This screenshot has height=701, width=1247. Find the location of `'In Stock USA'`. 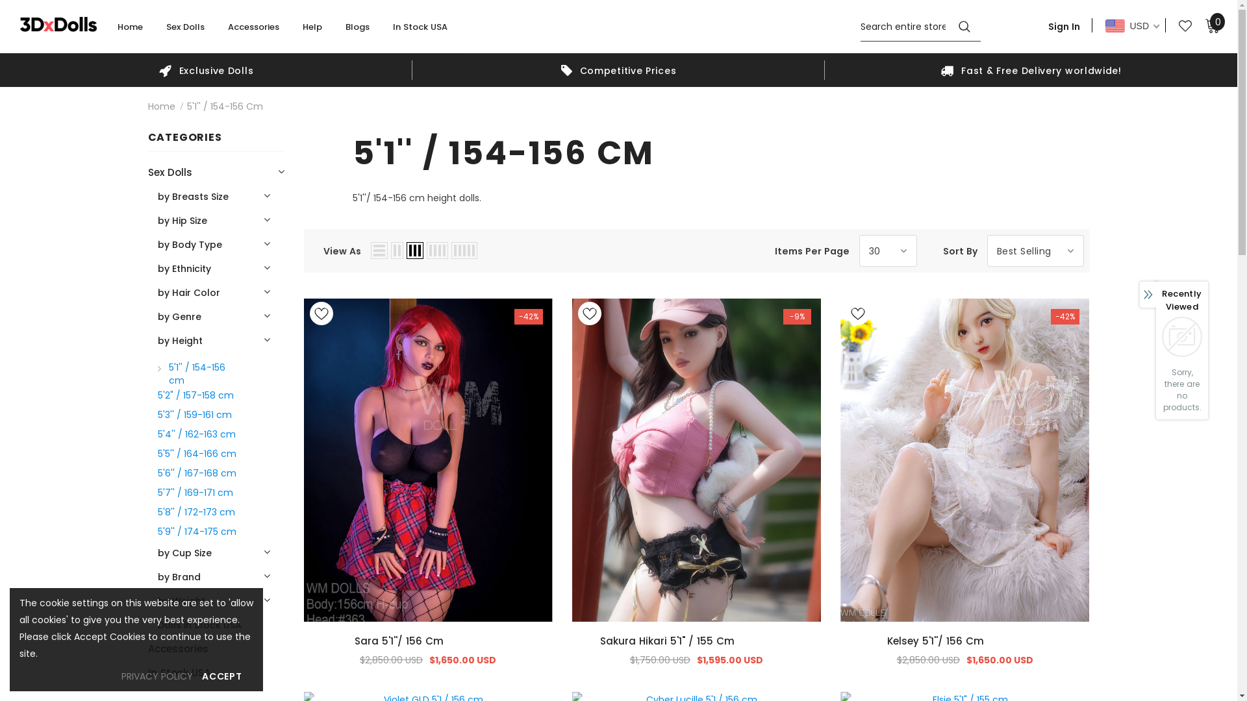

'In Stock USA' is located at coordinates (420, 32).